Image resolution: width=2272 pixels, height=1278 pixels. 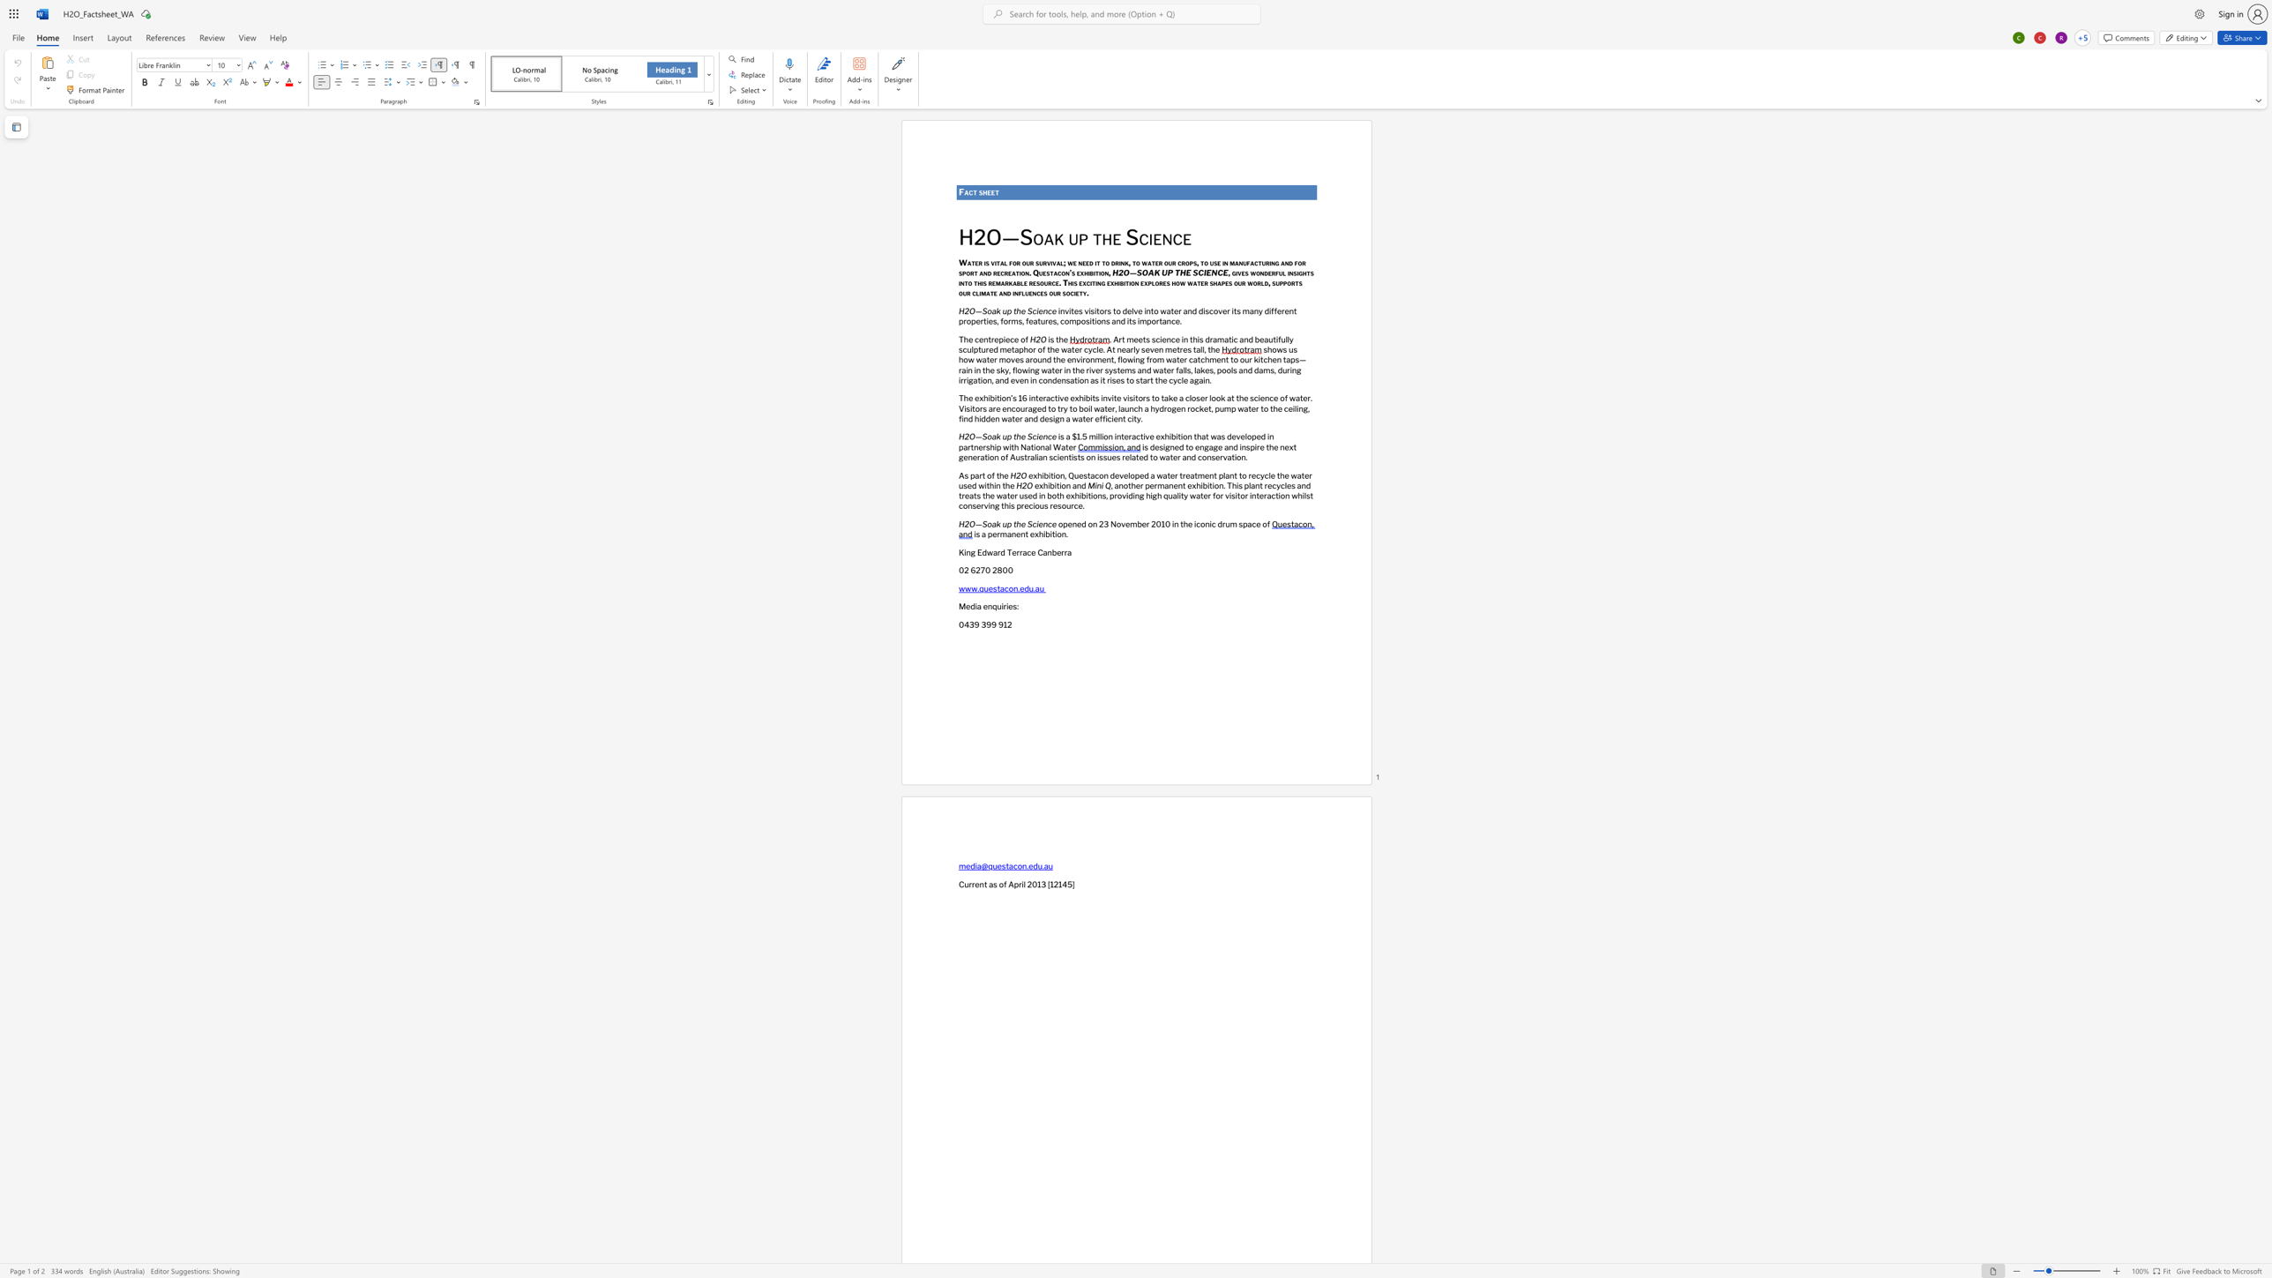 What do you see at coordinates (1291, 398) in the screenshot?
I see `the 1th character "w" in the text` at bounding box center [1291, 398].